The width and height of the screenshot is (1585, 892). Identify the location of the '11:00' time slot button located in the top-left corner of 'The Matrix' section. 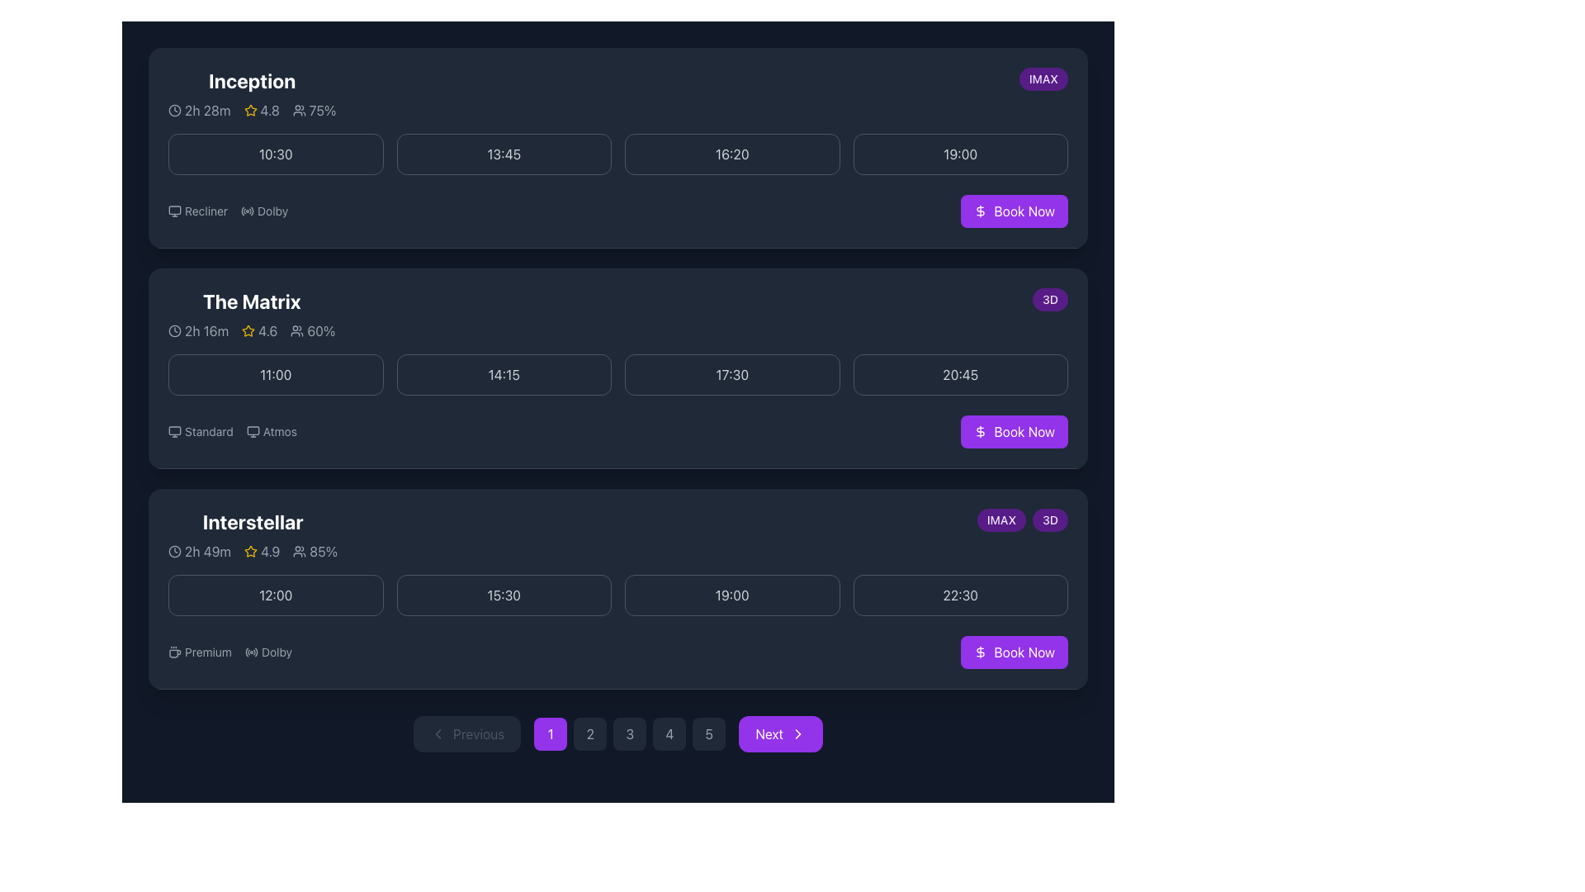
(276, 375).